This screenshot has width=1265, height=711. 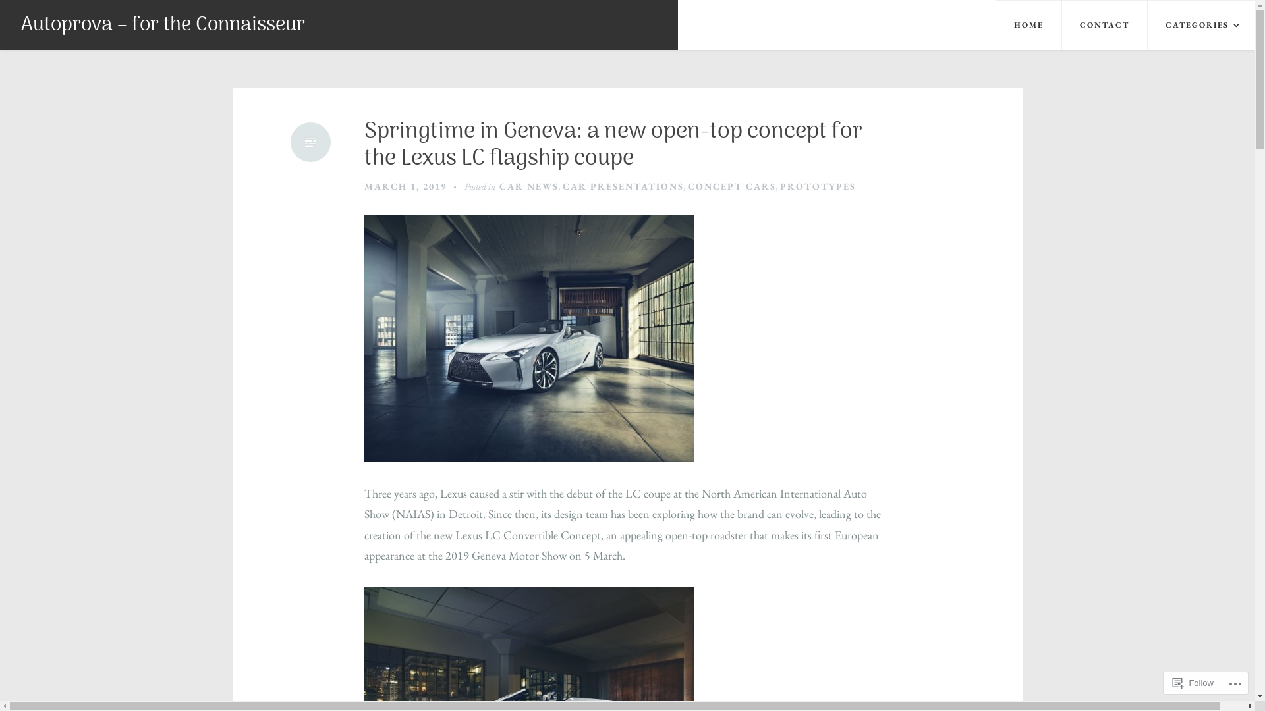 I want to click on 'Follow', so click(x=1193, y=682).